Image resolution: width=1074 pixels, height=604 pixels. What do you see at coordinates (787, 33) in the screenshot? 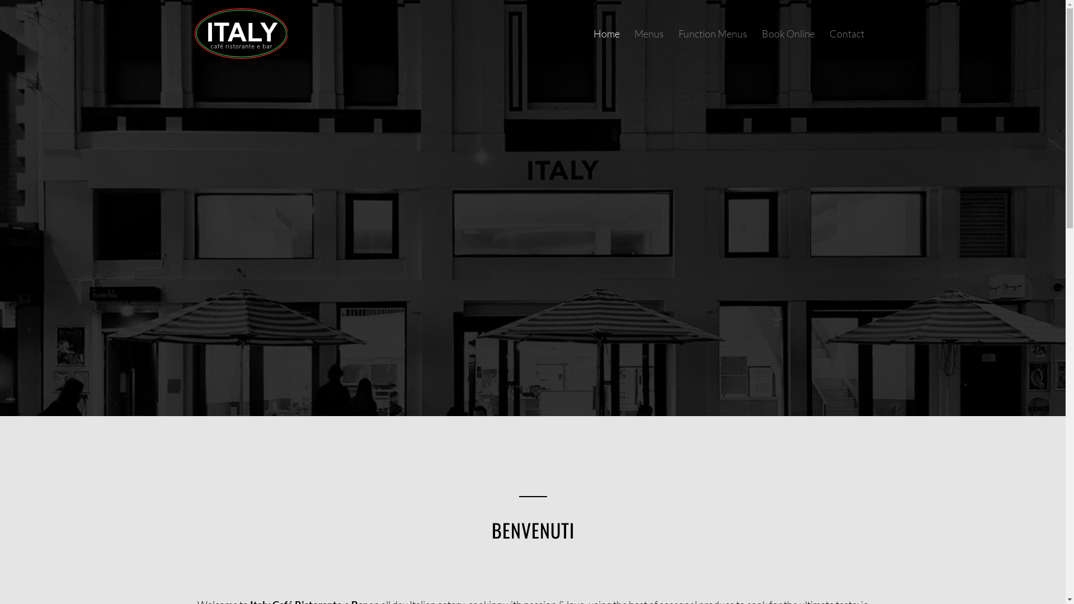
I see `'Book Online'` at bounding box center [787, 33].